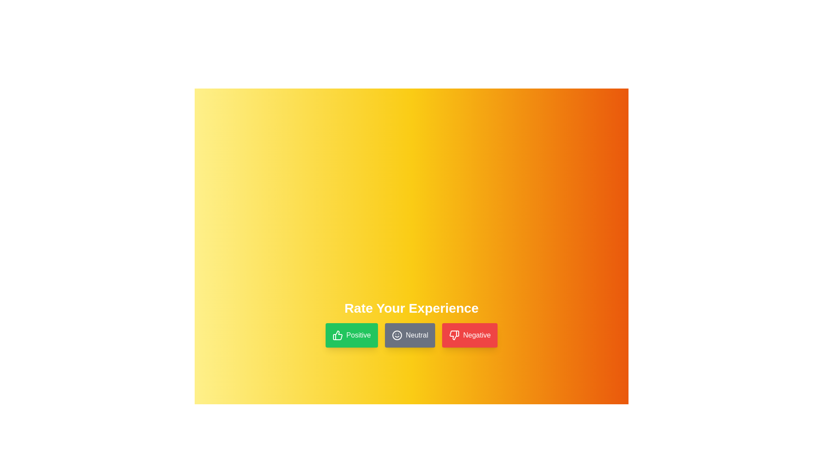 The width and height of the screenshot is (838, 471). I want to click on the 'Neutral' button, which contains a circular gray icon resembling a neutral face, located between the 'Positive' and 'Negative' buttons, so click(396, 334).